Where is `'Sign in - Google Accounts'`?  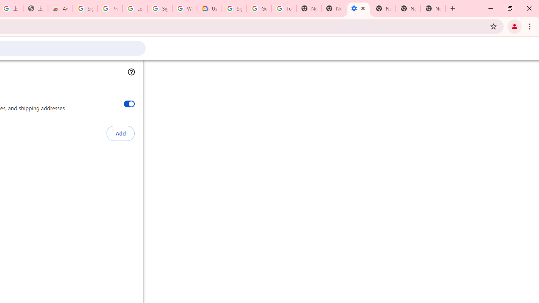 'Sign in - Google Accounts' is located at coordinates (160, 8).